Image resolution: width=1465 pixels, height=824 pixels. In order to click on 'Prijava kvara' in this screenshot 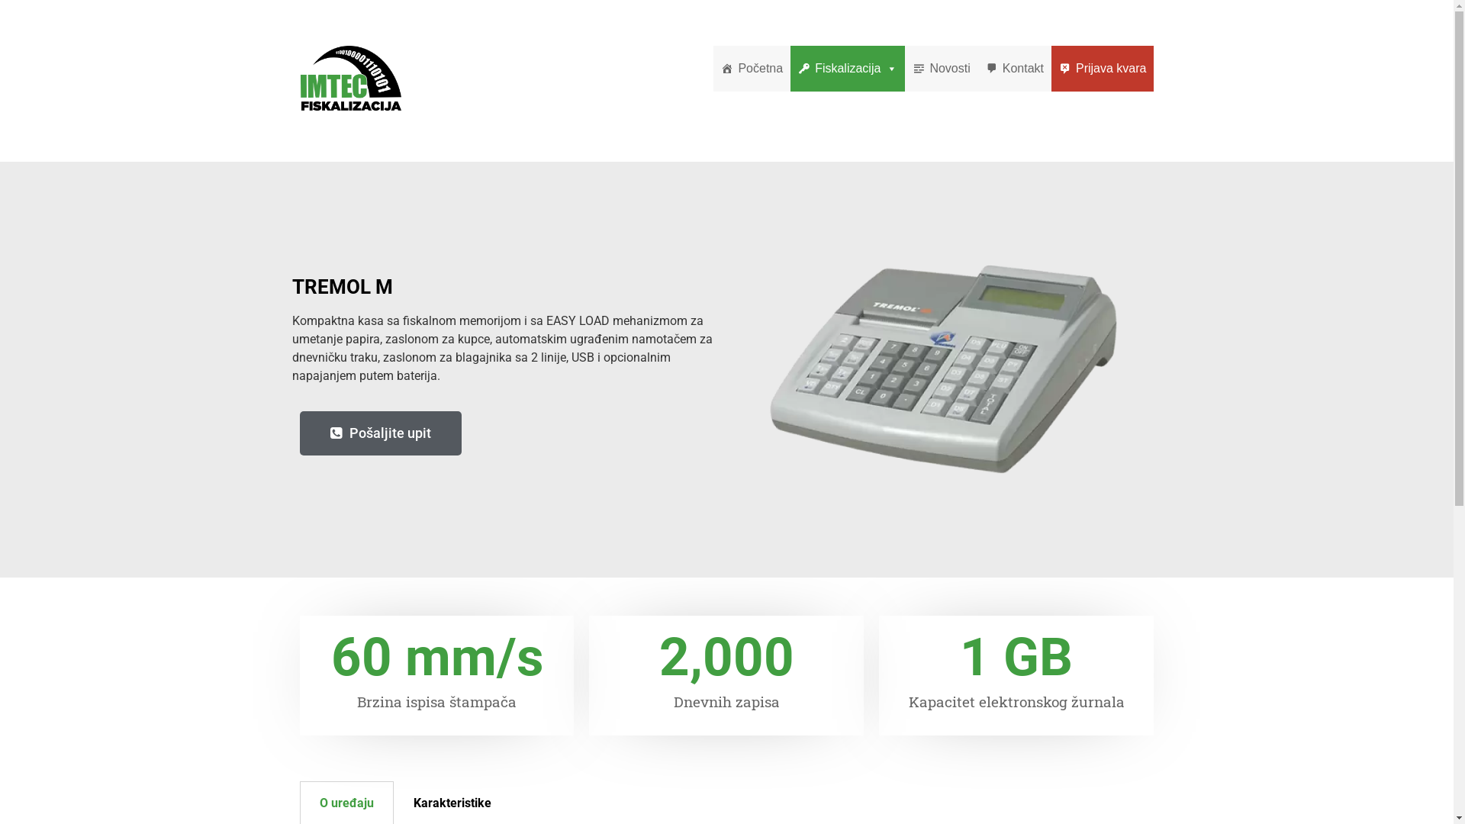, I will do `click(1102, 67)`.